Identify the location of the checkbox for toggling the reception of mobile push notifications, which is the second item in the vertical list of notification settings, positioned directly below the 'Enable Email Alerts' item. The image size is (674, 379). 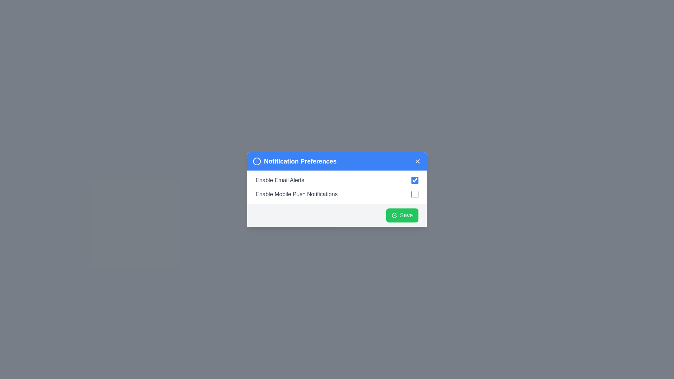
(337, 194).